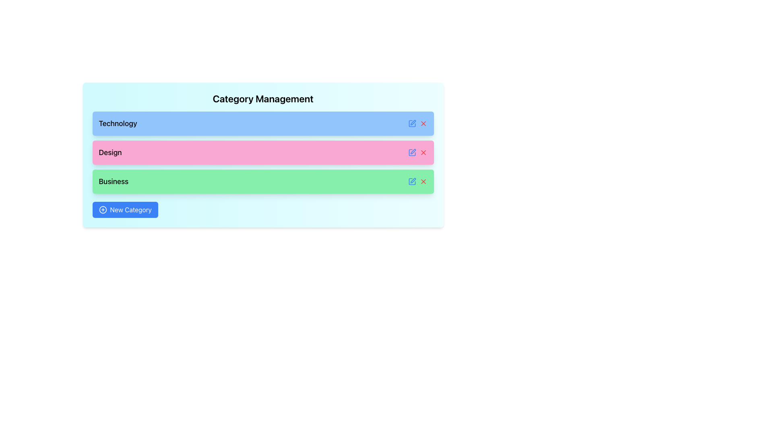 This screenshot has height=435, width=773. What do you see at coordinates (102, 209) in the screenshot?
I see `the circular blue SVG icon with a plus sign located to the left of the 'New Category' button` at bounding box center [102, 209].